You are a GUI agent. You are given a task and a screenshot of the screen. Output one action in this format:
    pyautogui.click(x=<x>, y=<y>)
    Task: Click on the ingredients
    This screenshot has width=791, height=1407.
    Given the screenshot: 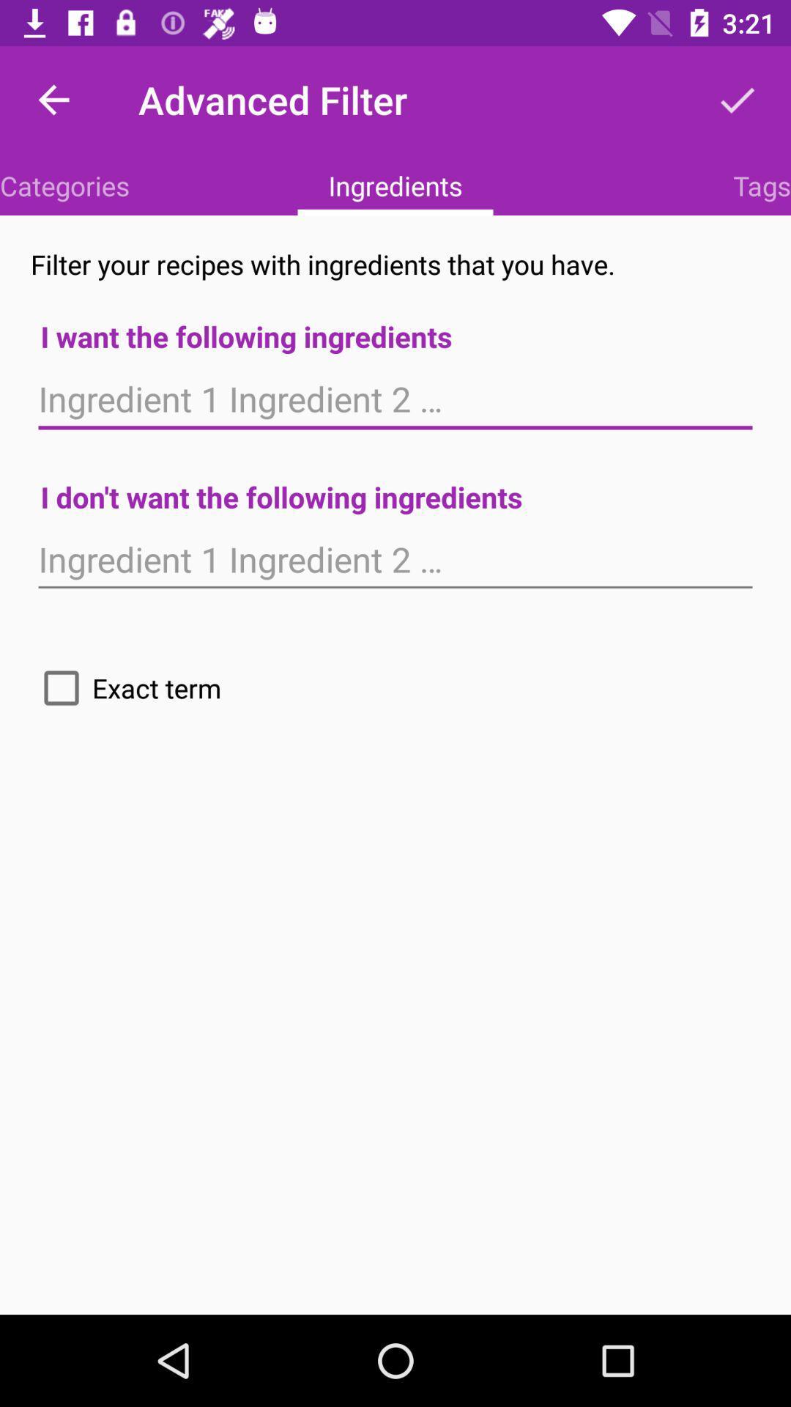 What is the action you would take?
    pyautogui.click(x=395, y=559)
    